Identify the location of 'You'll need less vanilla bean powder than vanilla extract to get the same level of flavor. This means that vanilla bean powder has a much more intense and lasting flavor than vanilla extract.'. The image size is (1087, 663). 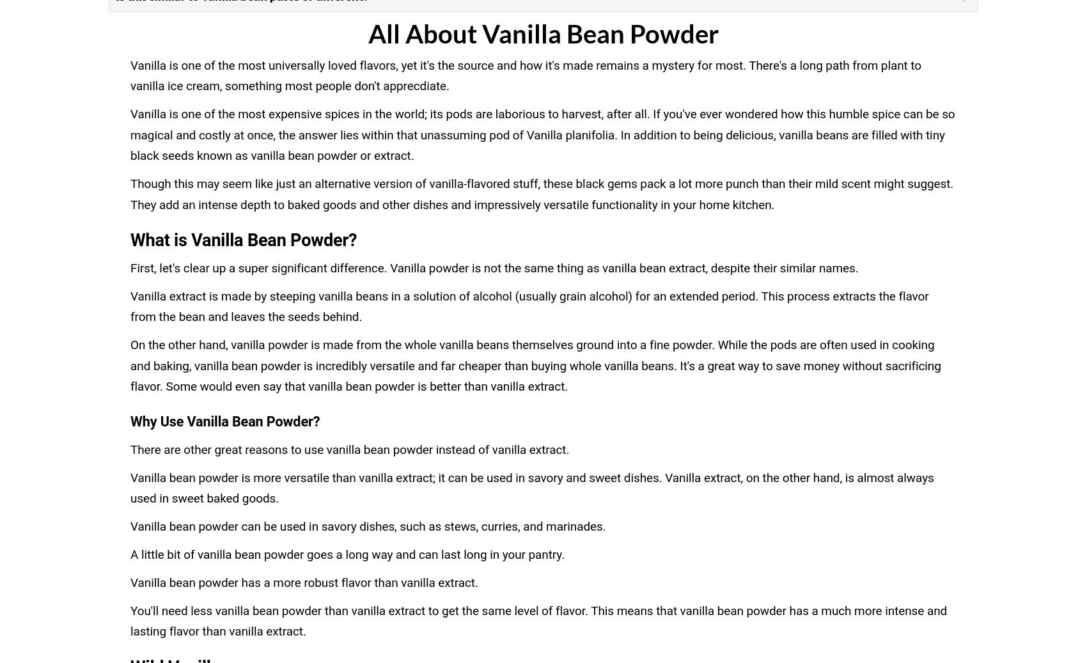
(538, 621).